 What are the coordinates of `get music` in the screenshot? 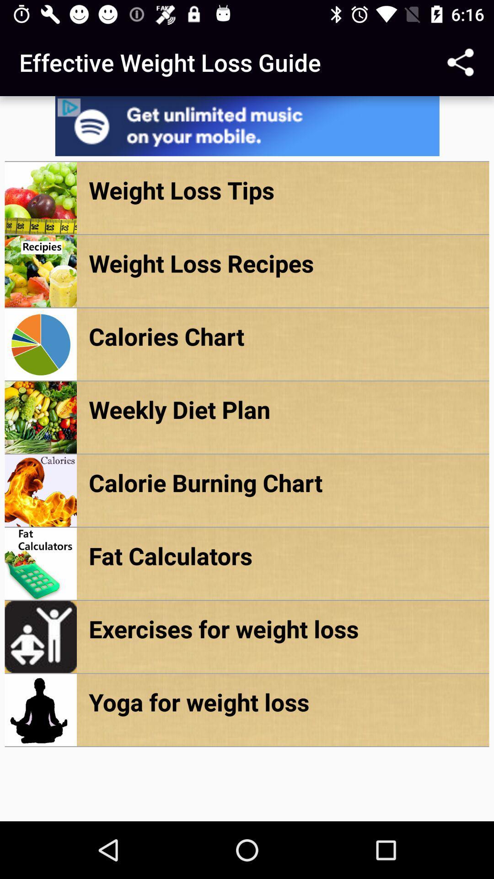 It's located at (247, 125).